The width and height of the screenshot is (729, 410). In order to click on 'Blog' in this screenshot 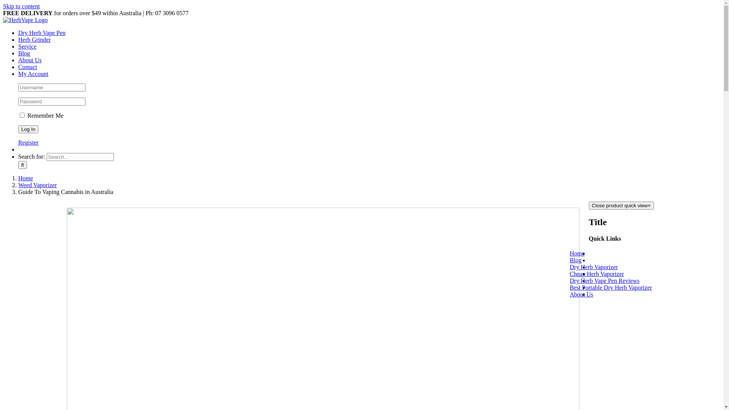, I will do `click(18, 53)`.